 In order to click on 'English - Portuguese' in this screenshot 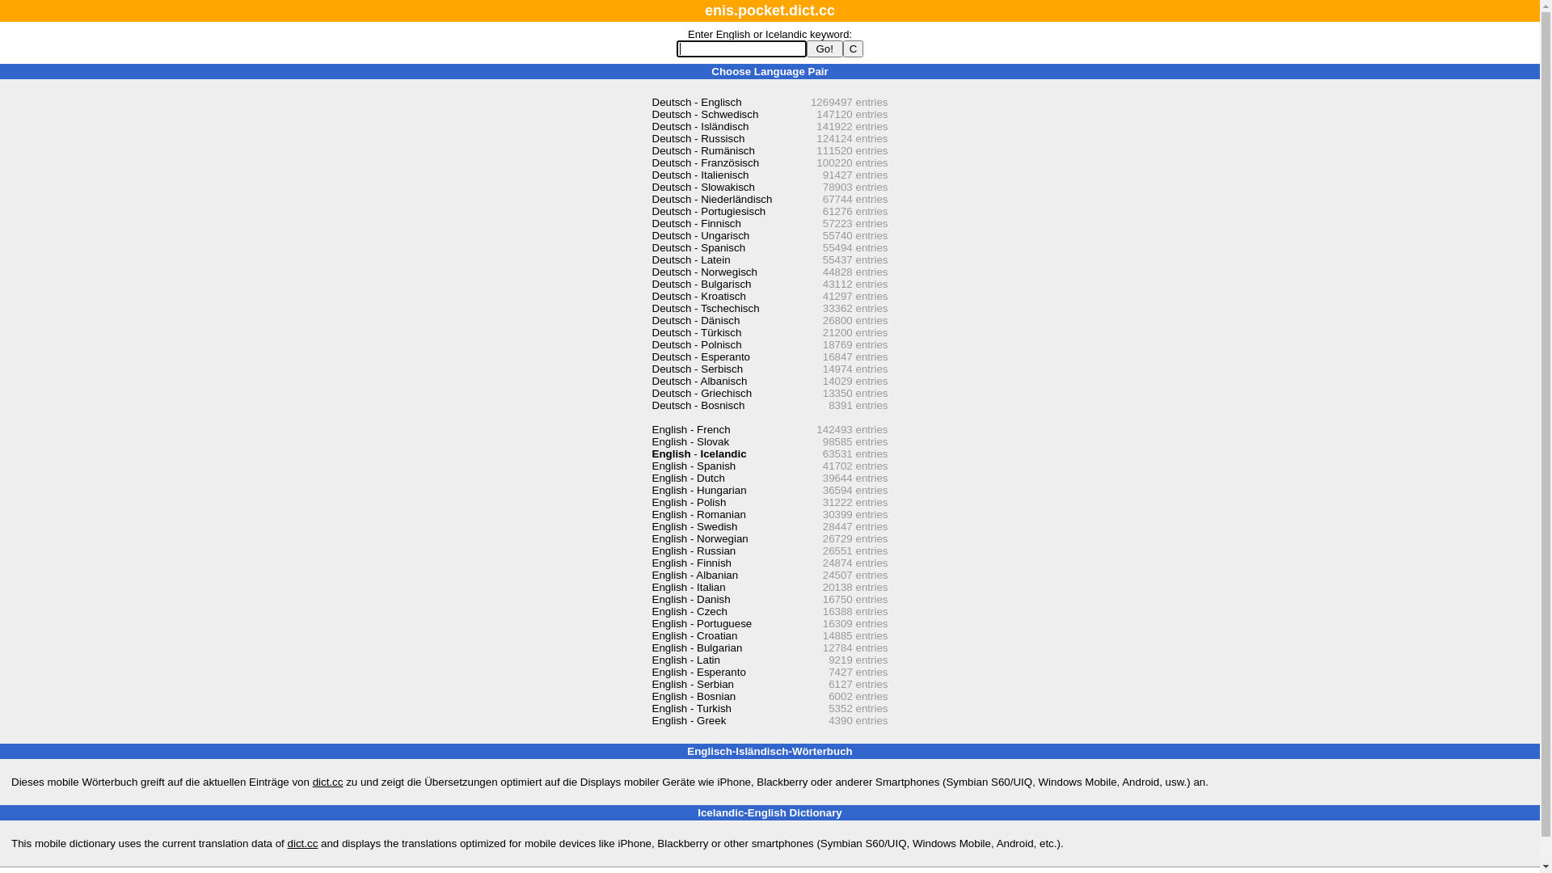, I will do `click(702, 622)`.